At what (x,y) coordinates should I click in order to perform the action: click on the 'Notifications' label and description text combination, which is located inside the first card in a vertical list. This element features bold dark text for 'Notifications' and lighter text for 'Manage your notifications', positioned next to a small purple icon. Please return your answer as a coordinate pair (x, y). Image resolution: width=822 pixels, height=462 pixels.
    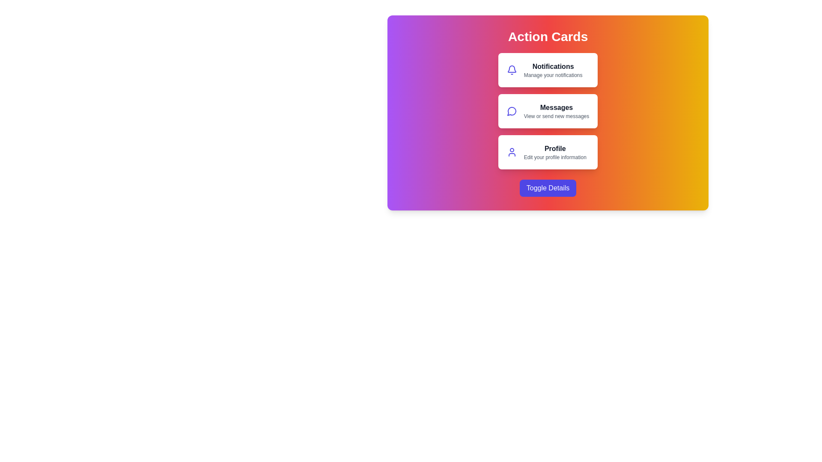
    Looking at the image, I should click on (553, 70).